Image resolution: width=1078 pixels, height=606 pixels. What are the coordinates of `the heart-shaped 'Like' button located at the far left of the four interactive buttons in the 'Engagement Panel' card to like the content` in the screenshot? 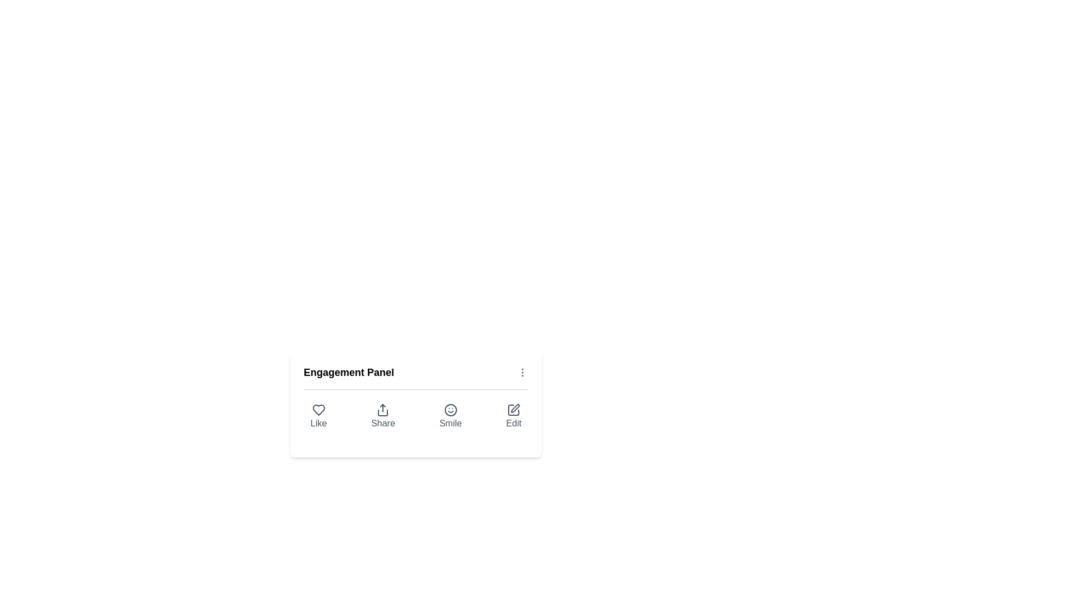 It's located at (318, 417).